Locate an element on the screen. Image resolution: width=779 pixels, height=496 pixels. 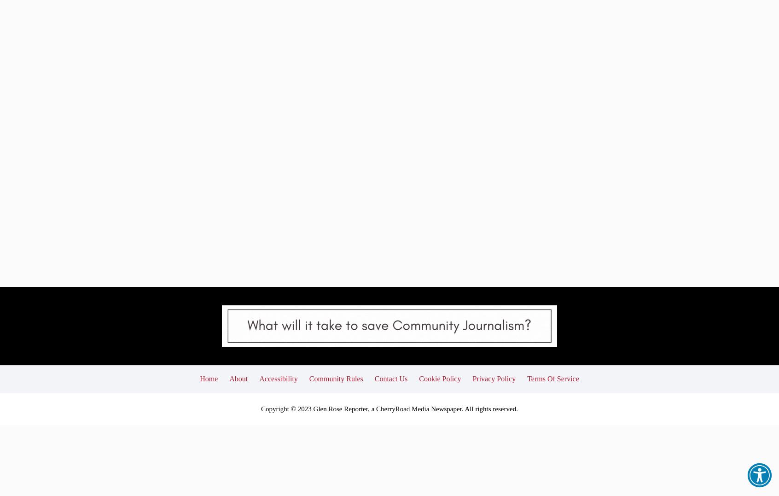
'About' is located at coordinates (238, 308).